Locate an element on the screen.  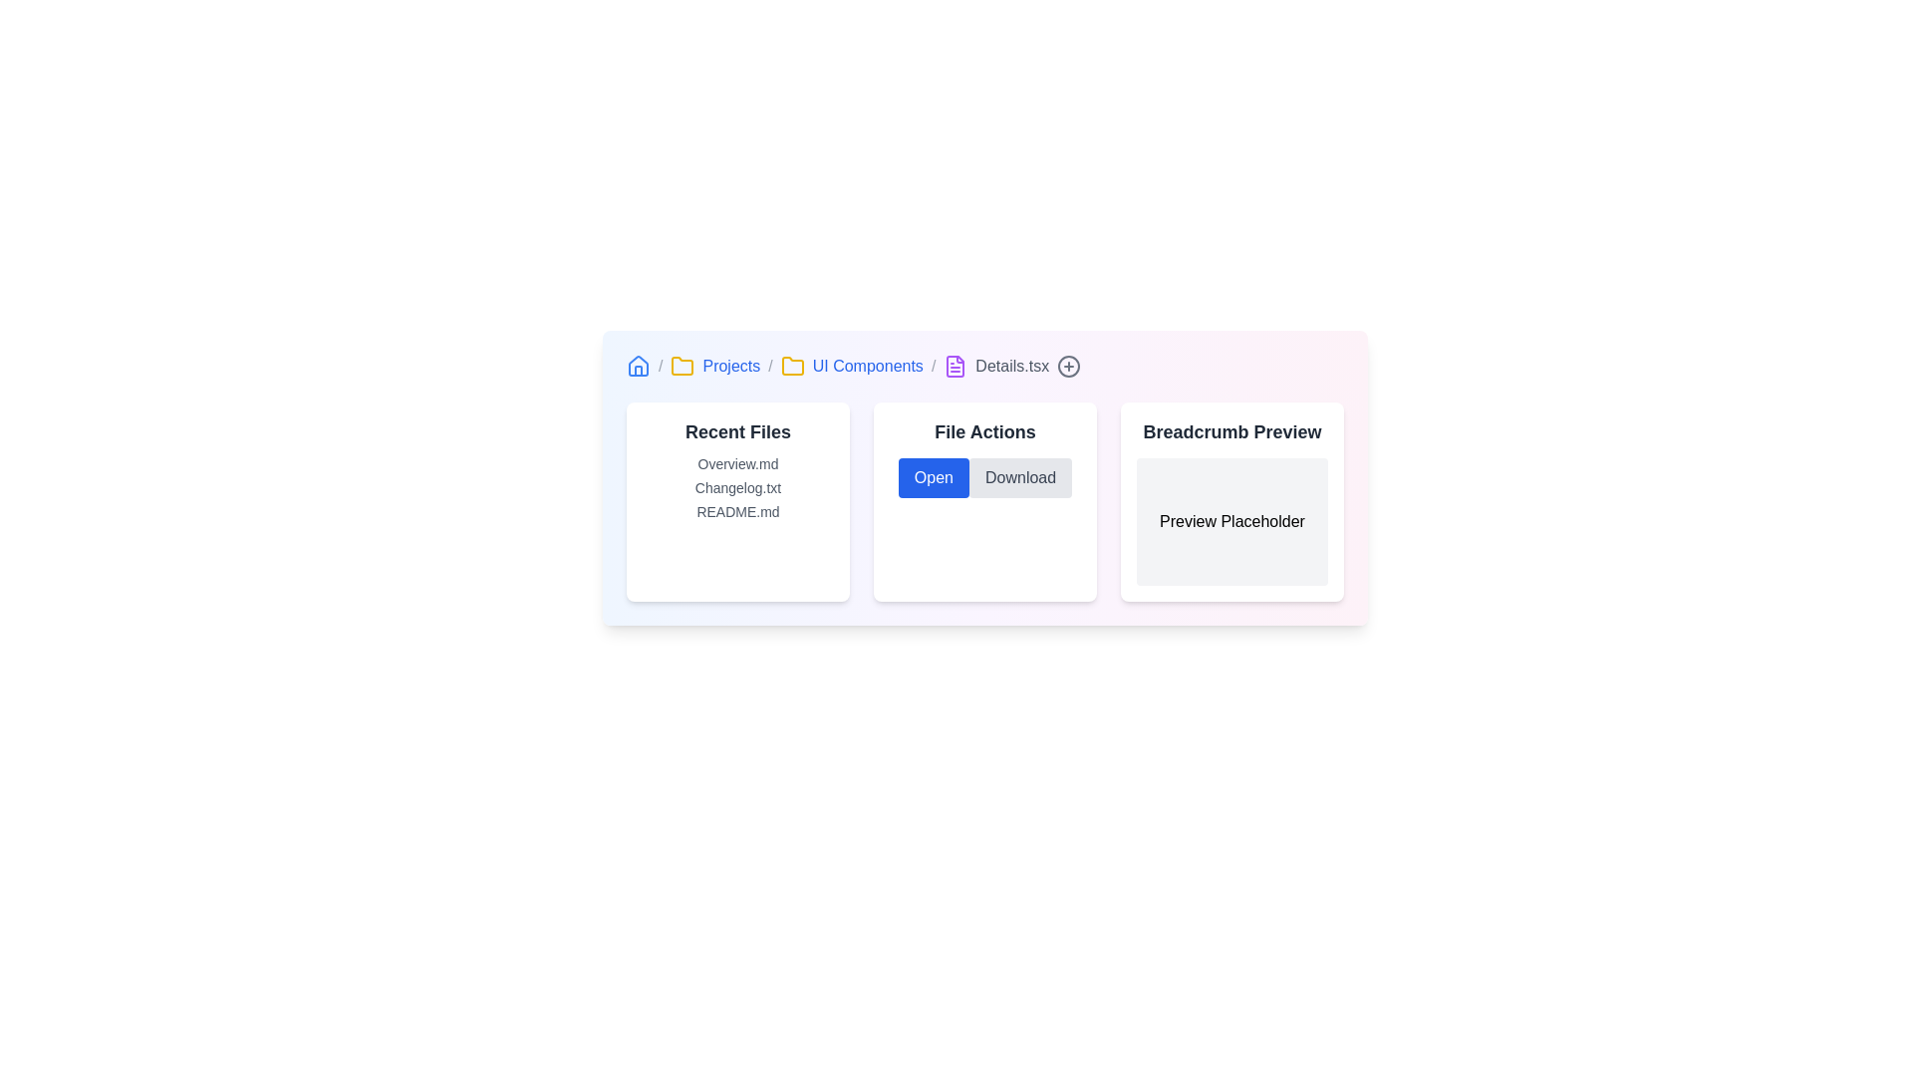
the hyperlink styled text reading 'UI Components' in the breadcrumb navigation bar to potentially see additional information such as a tooltip is located at coordinates (868, 366).